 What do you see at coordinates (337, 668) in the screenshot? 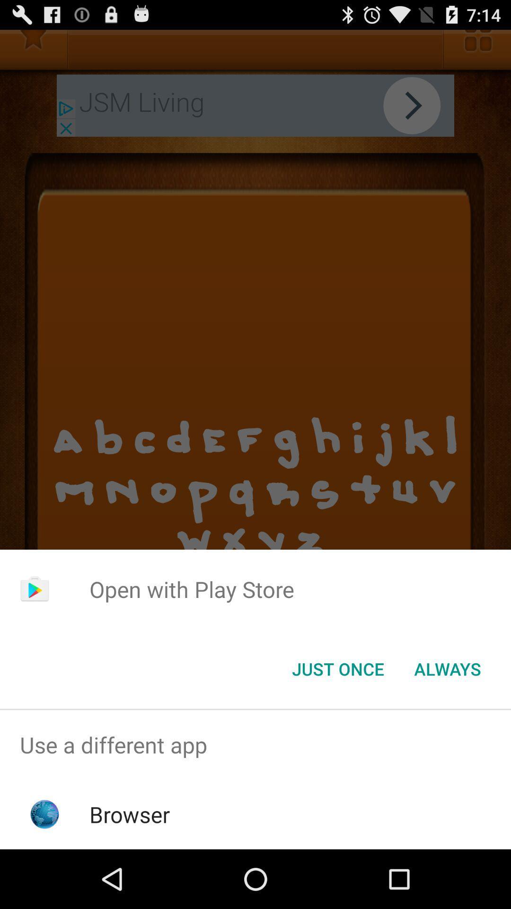
I see `the icon next to the always item` at bounding box center [337, 668].